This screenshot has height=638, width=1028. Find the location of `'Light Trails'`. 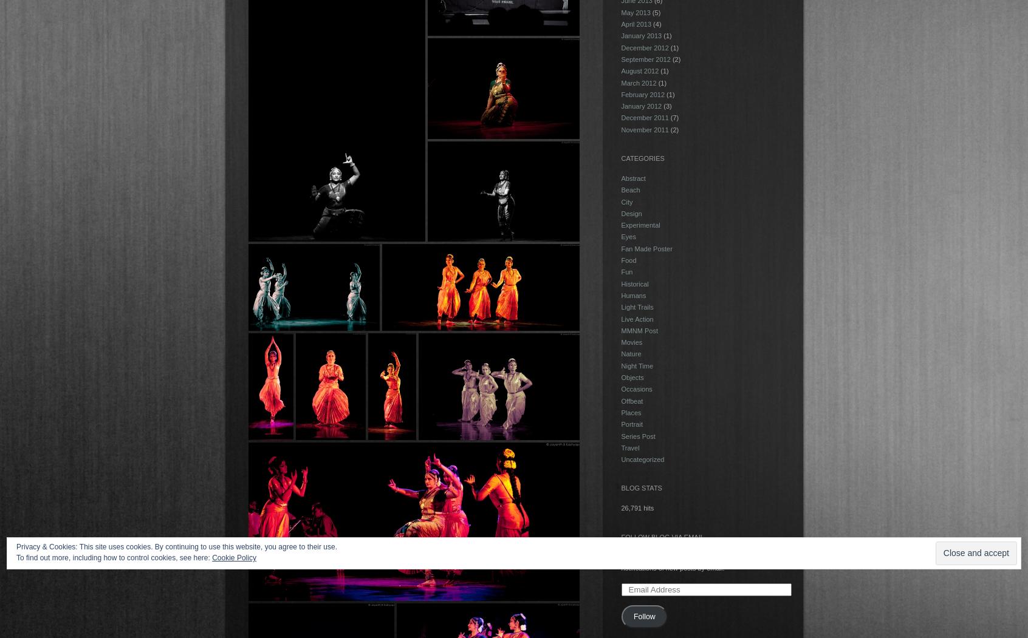

'Light Trails' is located at coordinates (636, 307).